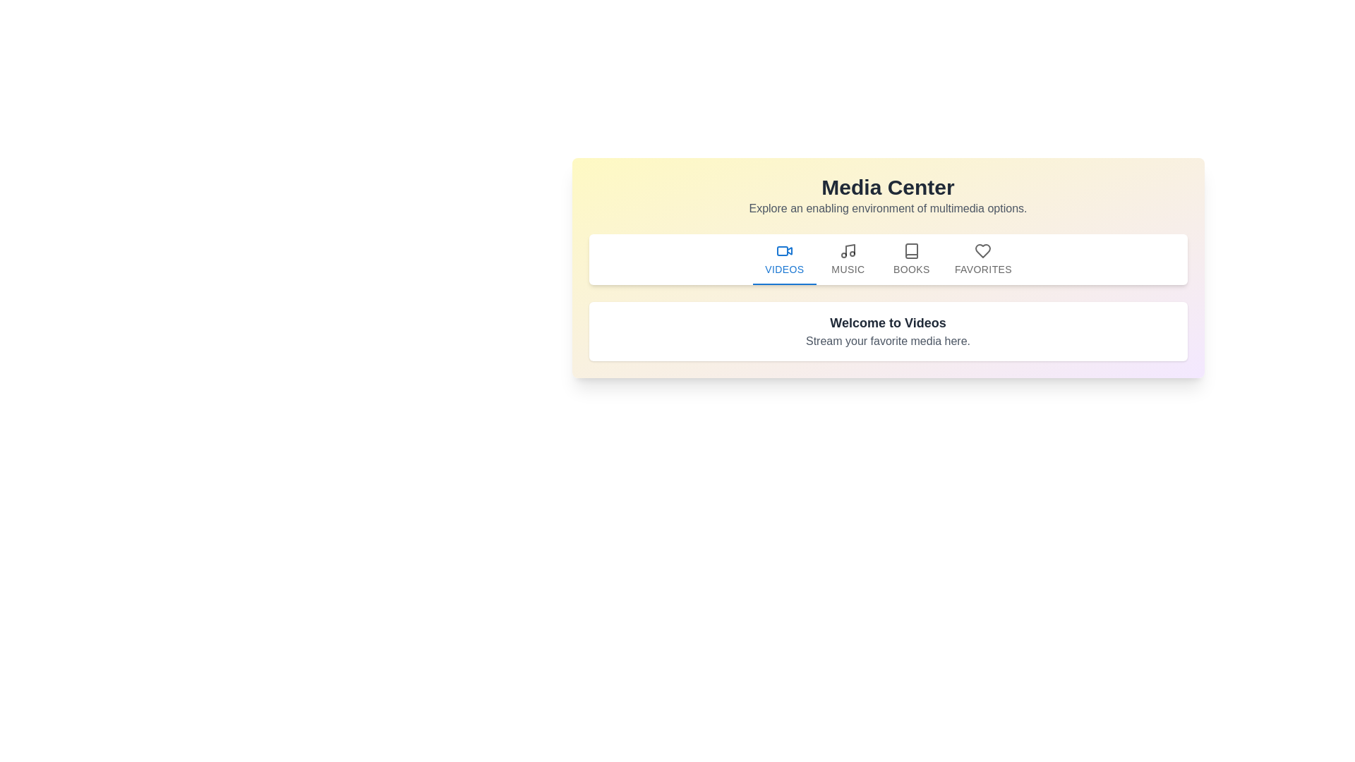 The image size is (1355, 762). Describe the element at coordinates (887, 341) in the screenshot. I see `the static text label that serves as a subtitle below the title 'Welcome to Videos'` at that location.